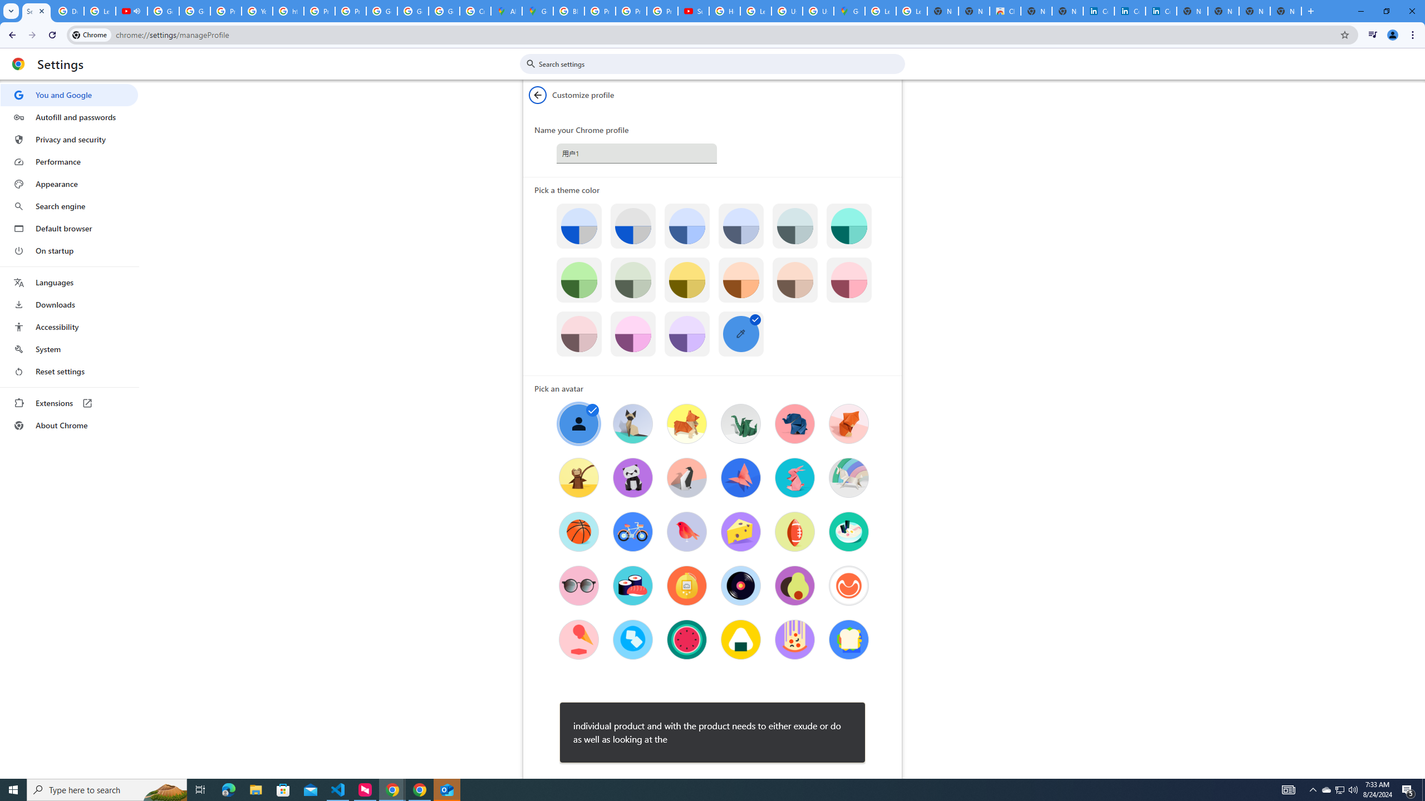  Describe the element at coordinates (100, 11) in the screenshot. I see `'Learn how to find your photos - Google Photos Help'` at that location.